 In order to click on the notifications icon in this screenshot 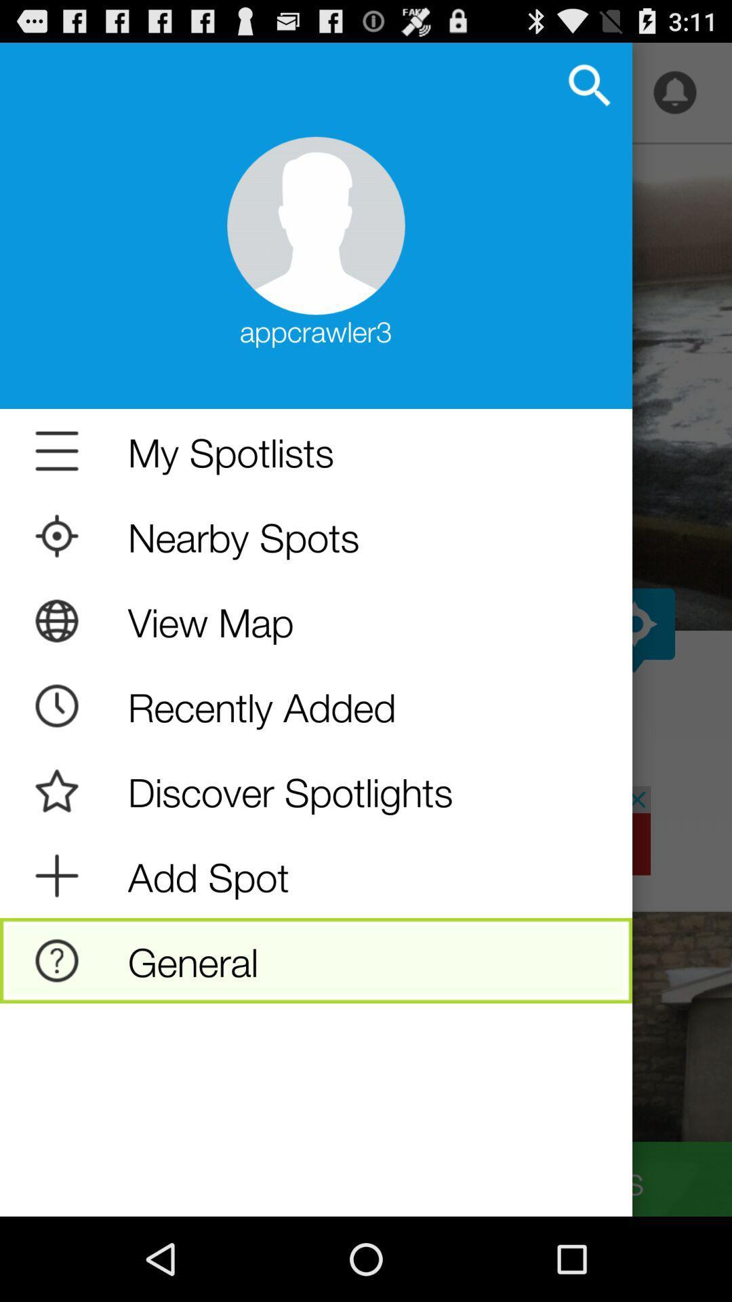, I will do `click(674, 98)`.